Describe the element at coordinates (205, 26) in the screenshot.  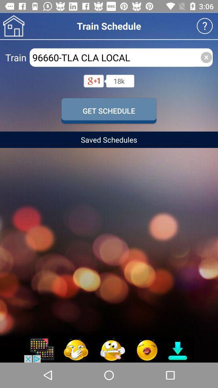
I see `the help icon` at that location.